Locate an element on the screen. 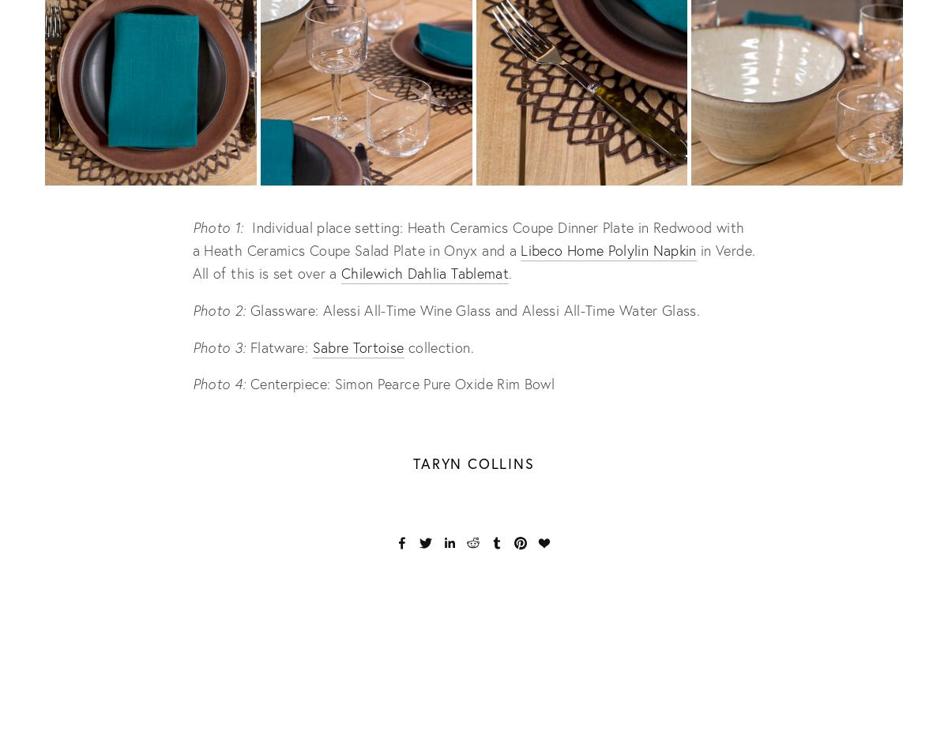 This screenshot has height=750, width=948. 'Photo 2:' is located at coordinates (217, 308).